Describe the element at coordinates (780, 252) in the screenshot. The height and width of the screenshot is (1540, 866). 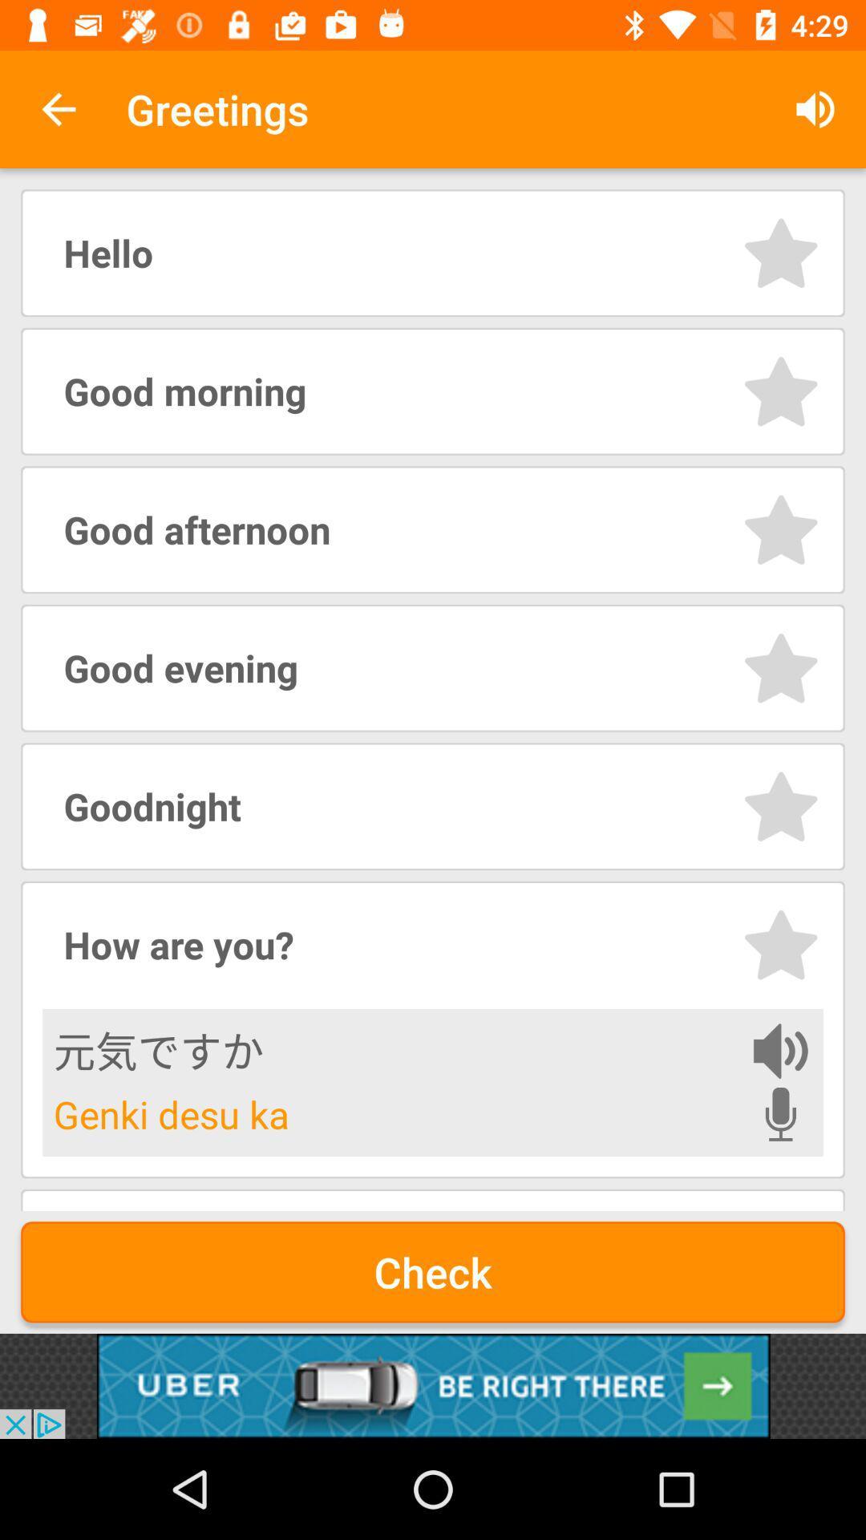
I see `this item` at that location.